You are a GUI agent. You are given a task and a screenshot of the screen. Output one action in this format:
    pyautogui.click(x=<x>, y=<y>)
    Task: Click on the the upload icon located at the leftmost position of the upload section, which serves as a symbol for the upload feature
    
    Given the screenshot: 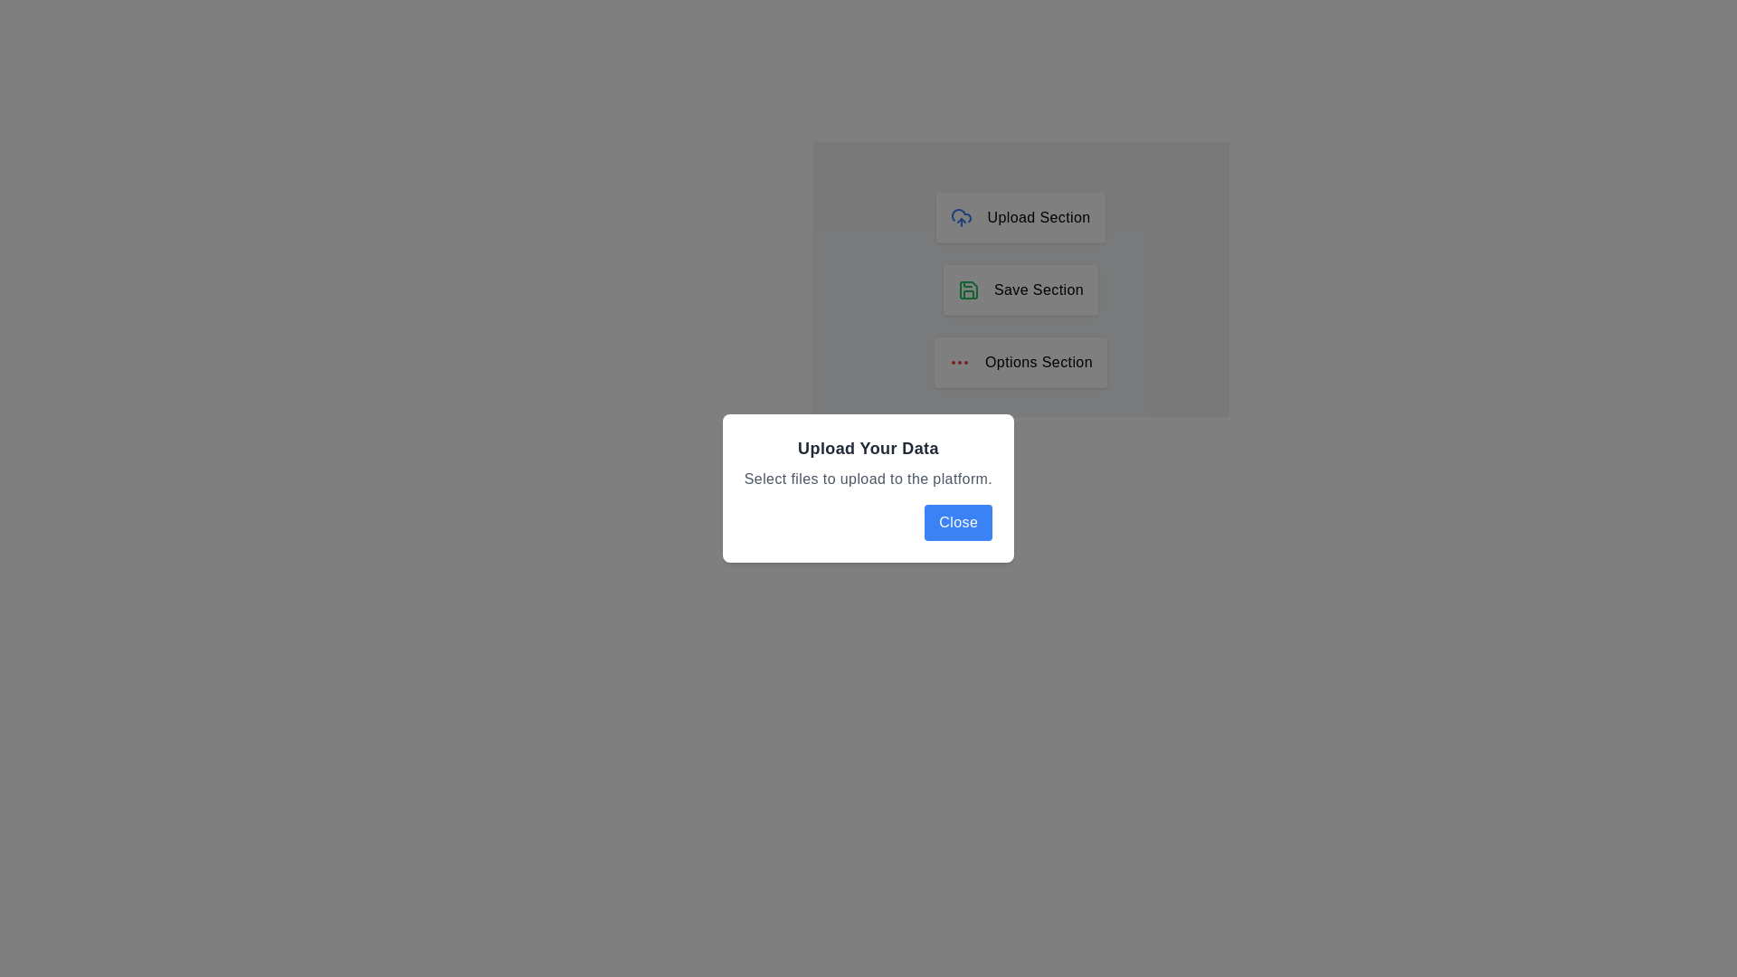 What is the action you would take?
    pyautogui.click(x=961, y=216)
    